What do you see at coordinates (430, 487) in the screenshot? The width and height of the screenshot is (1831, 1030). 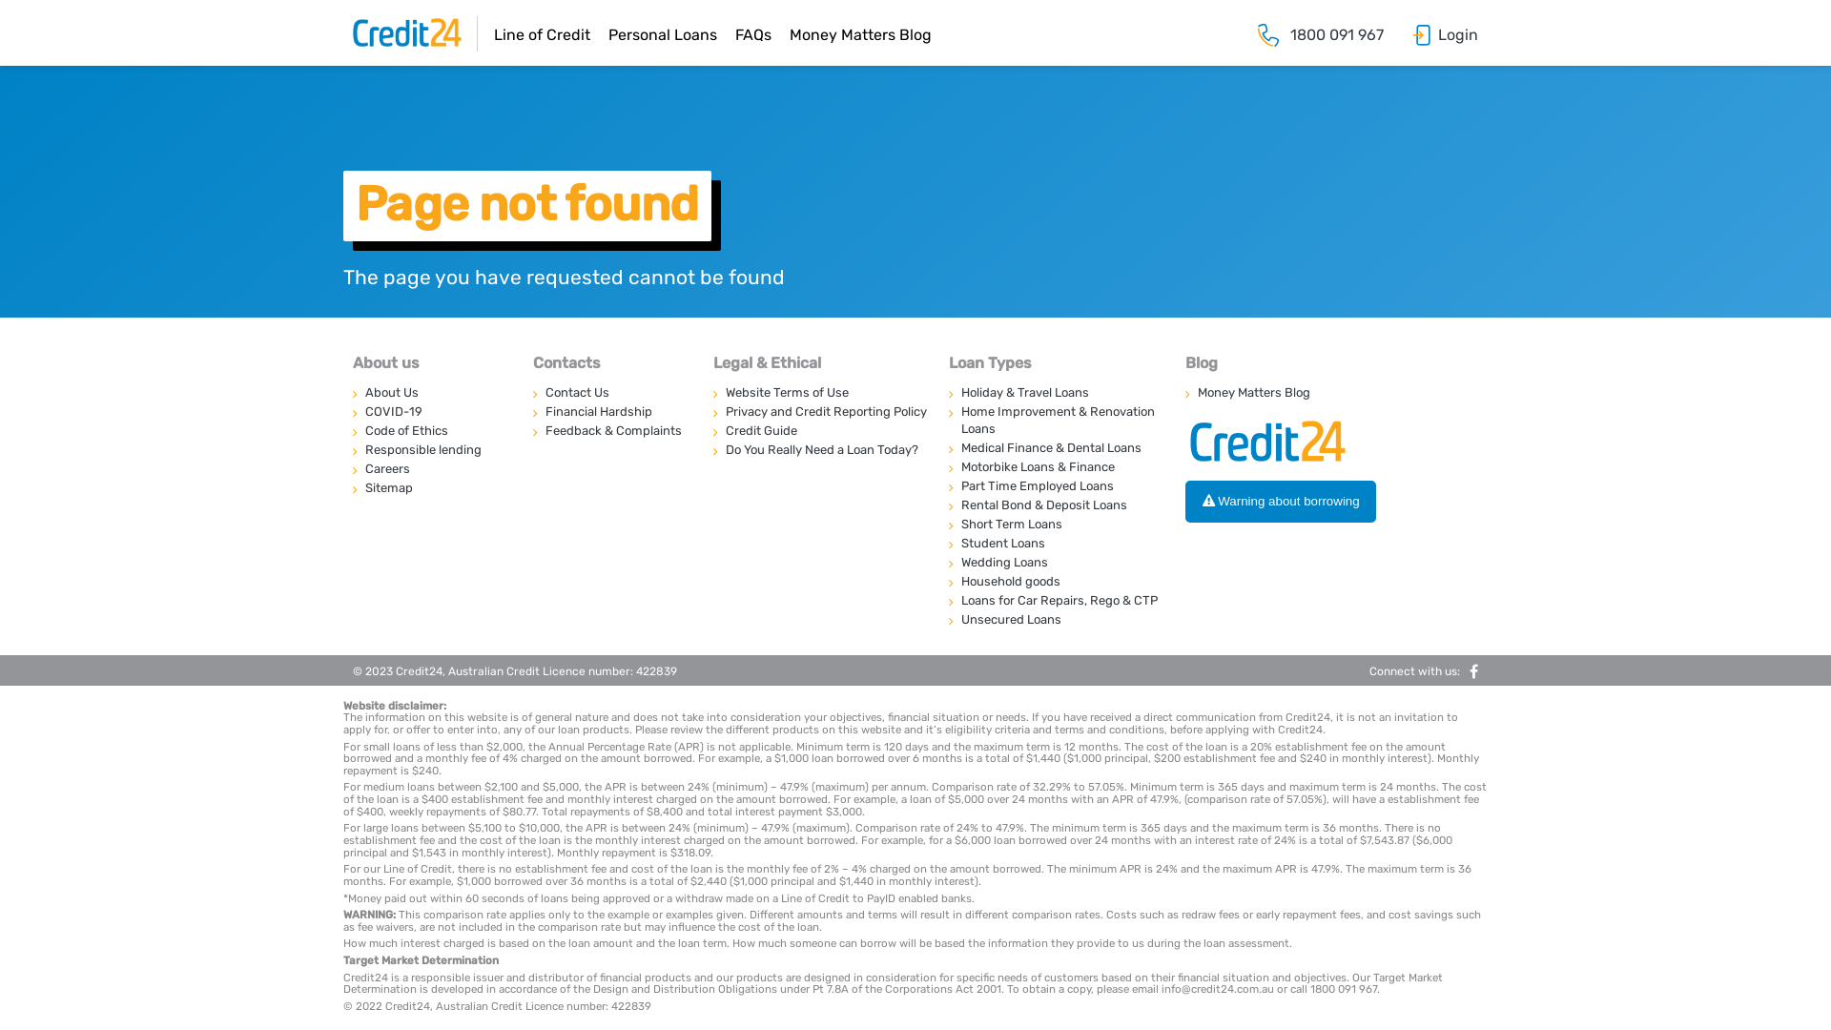 I see `'Sitemap'` at bounding box center [430, 487].